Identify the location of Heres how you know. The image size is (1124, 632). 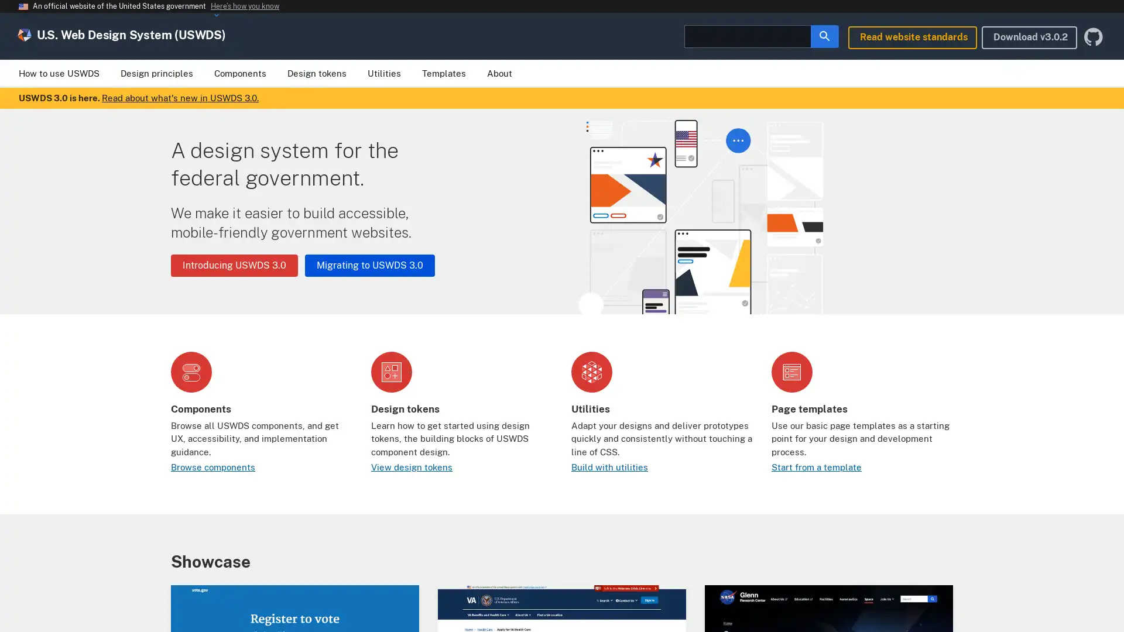
(244, 6).